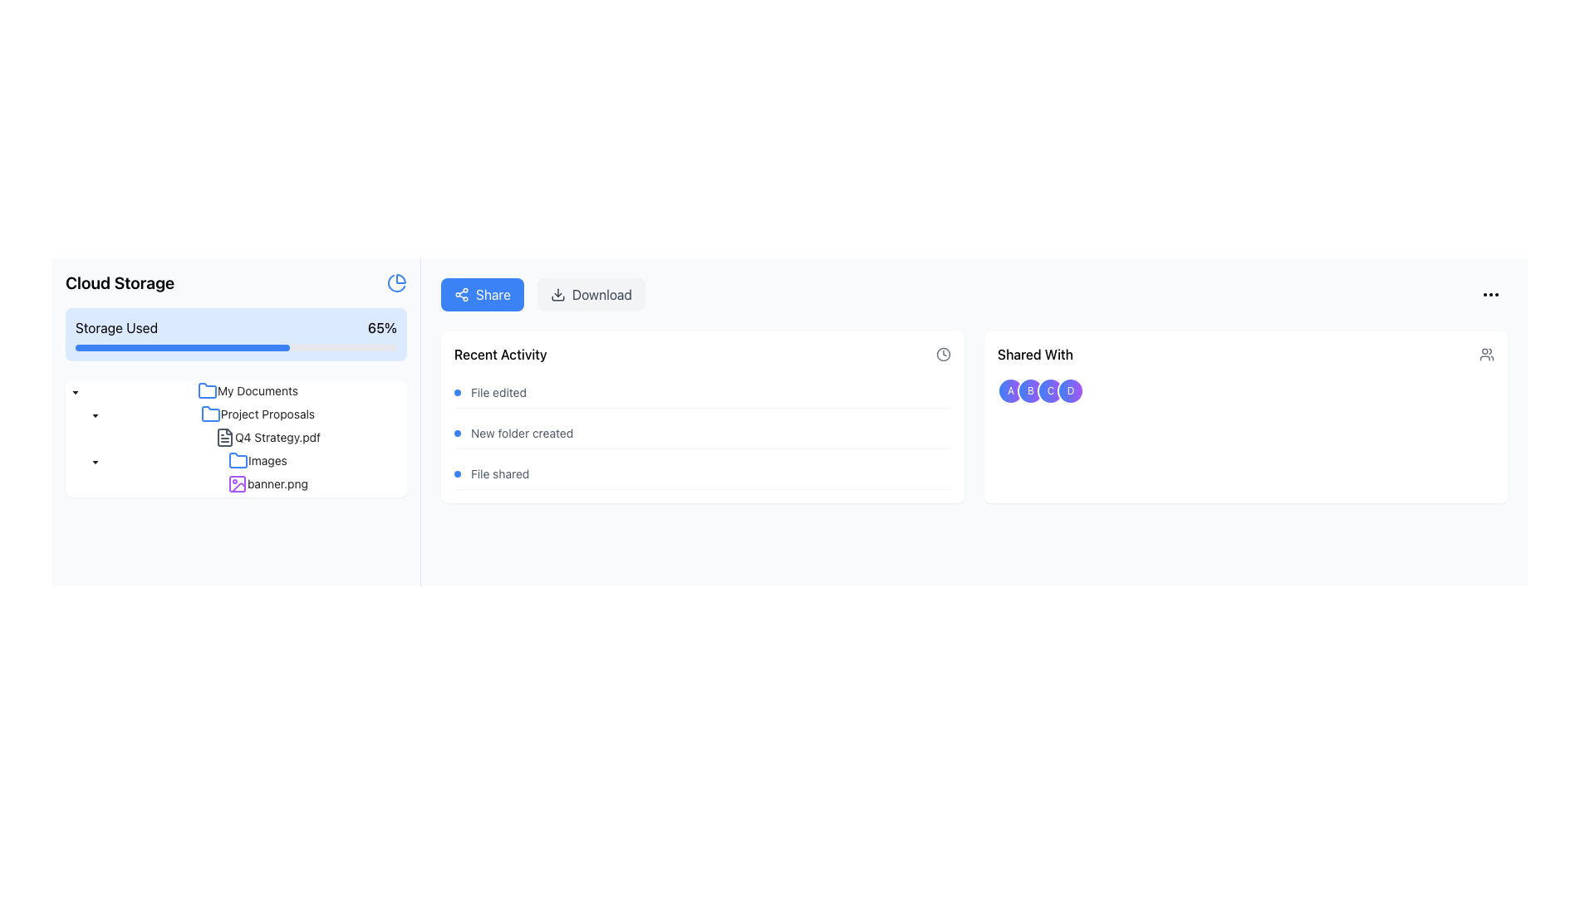 The height and width of the screenshot is (897, 1595). Describe the element at coordinates (557, 293) in the screenshot. I see `the download icon located within the 'Download' button at the top-center of the interface, next to the 'Share' button` at that location.